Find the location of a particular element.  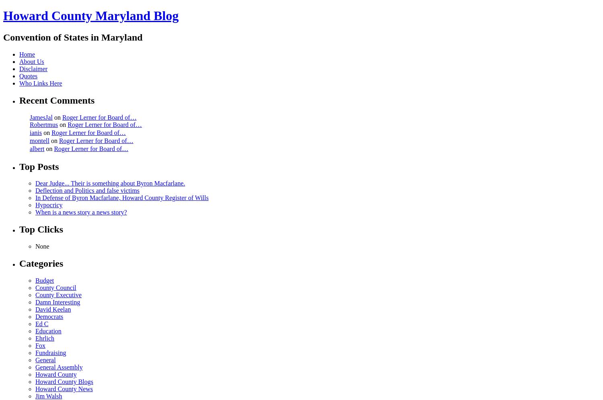

'Howard County News' is located at coordinates (64, 388).